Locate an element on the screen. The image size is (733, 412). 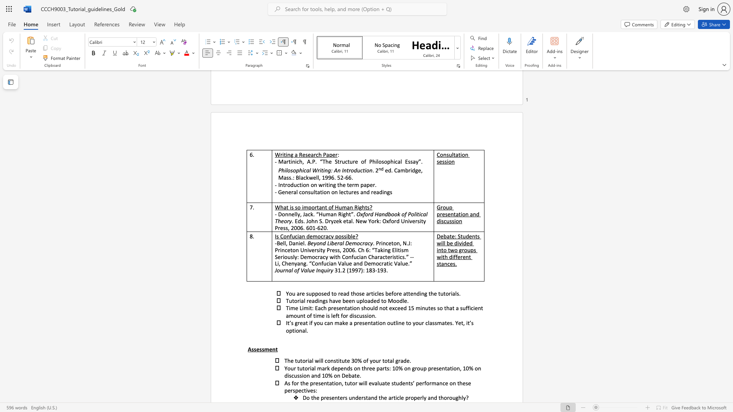
the subset text "2 (" within the text "31.2 (1997): 183-193." is located at coordinates (342, 270).